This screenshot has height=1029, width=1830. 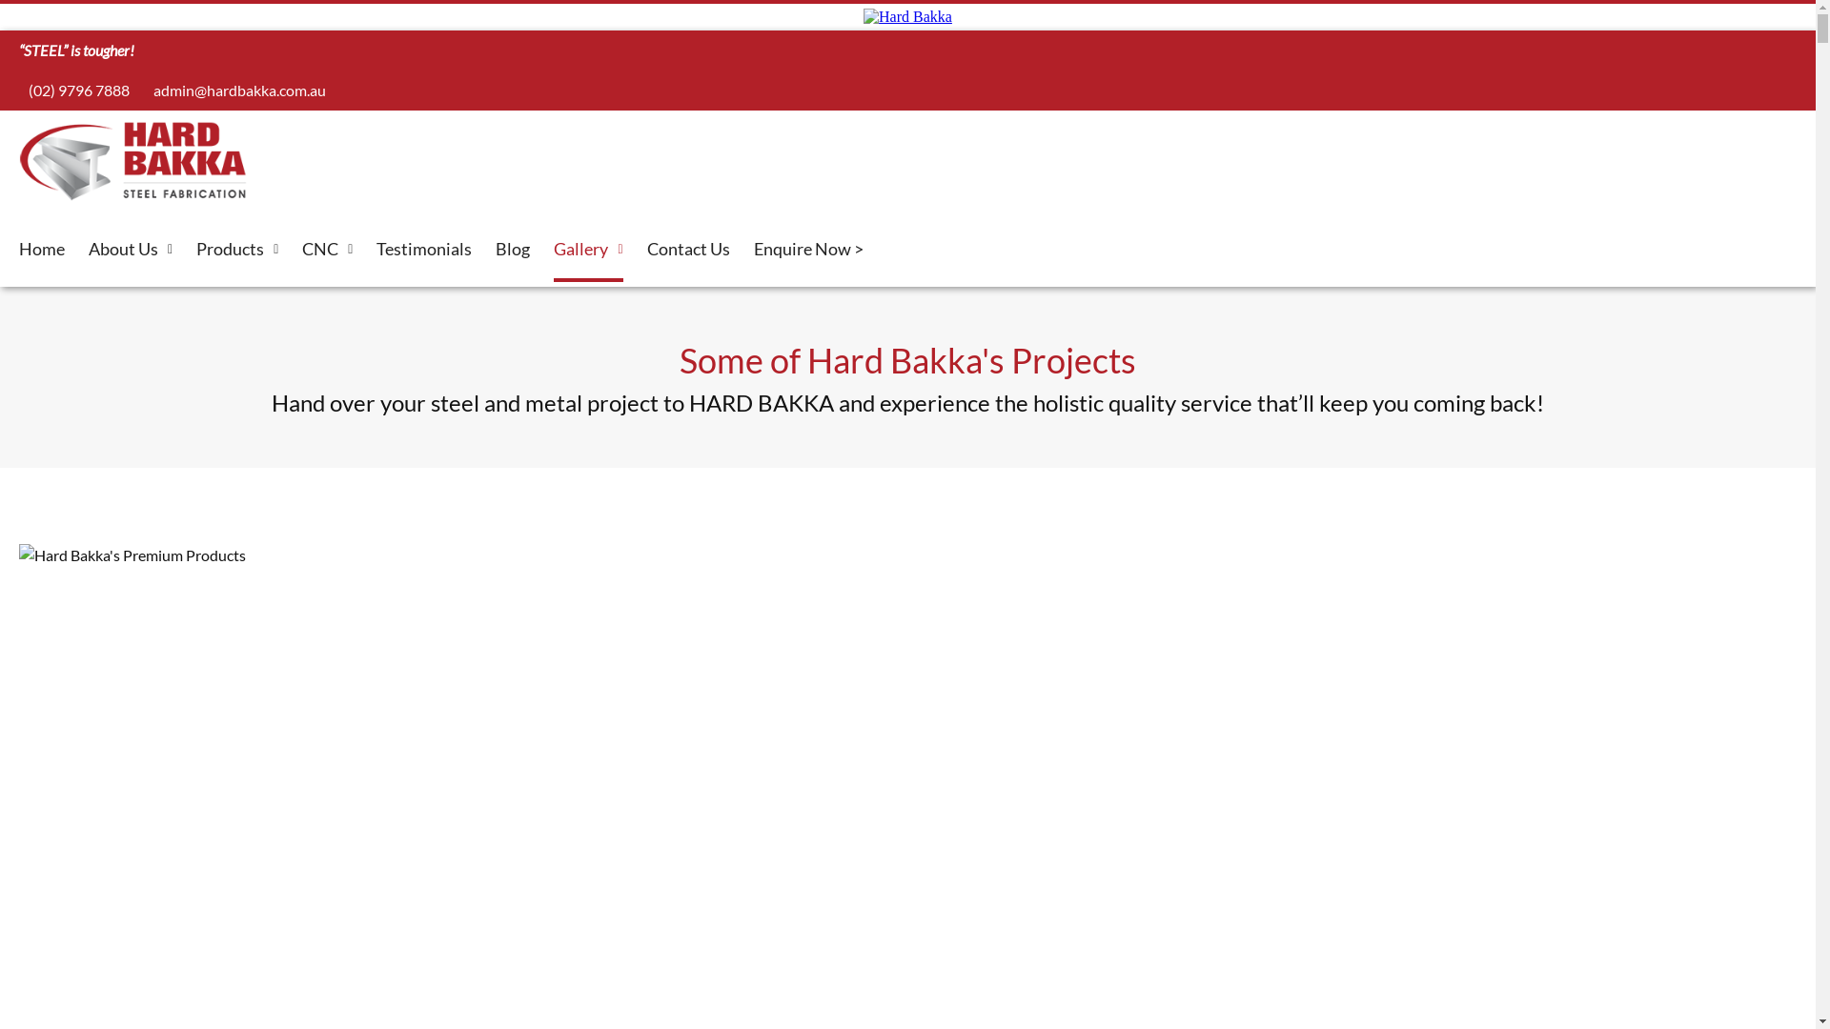 I want to click on 'Products', so click(x=196, y=250).